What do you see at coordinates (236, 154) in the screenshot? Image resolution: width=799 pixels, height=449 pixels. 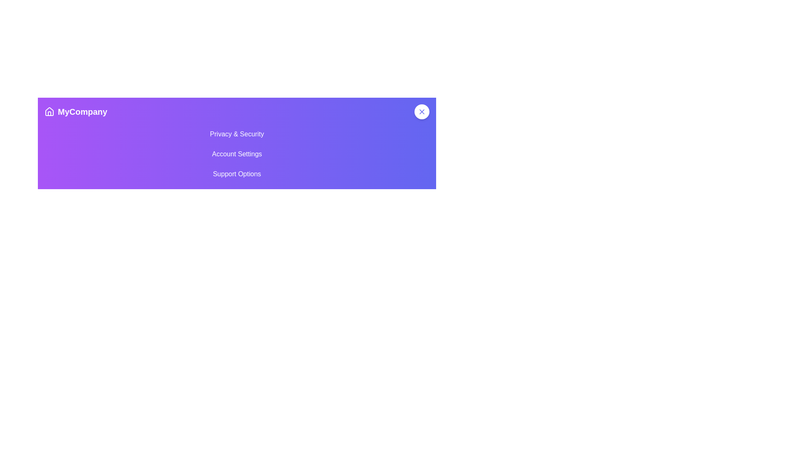 I see `the second option in the vertical list, located directly below 'Privacy & Security'` at bounding box center [236, 154].